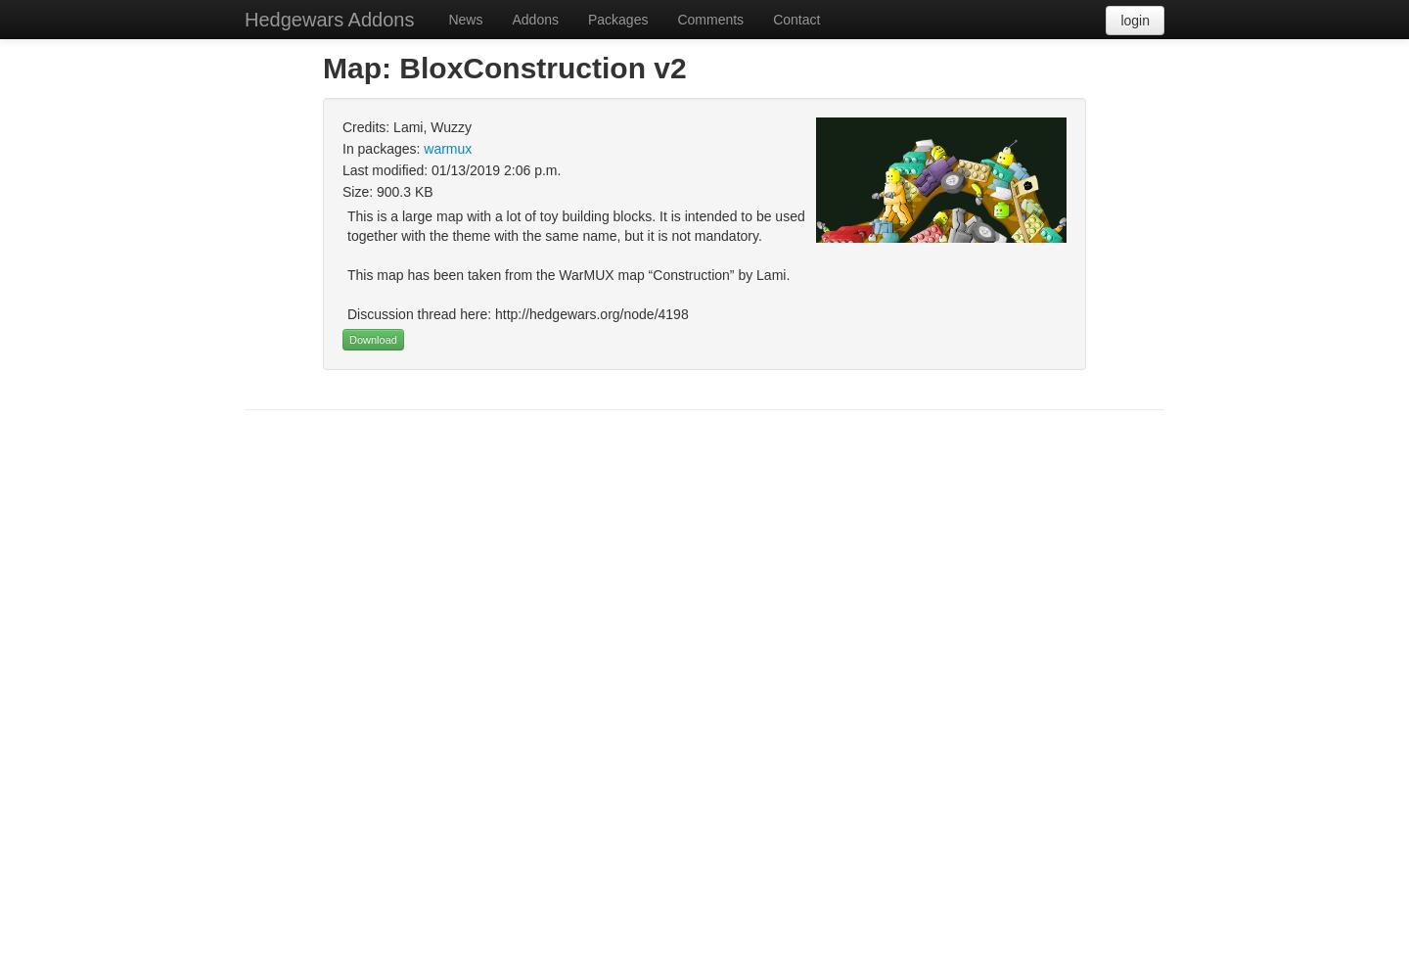 This screenshot has height=979, width=1409. Describe the element at coordinates (406, 127) in the screenshot. I see `'Credits: Lami, Wuzzy'` at that location.